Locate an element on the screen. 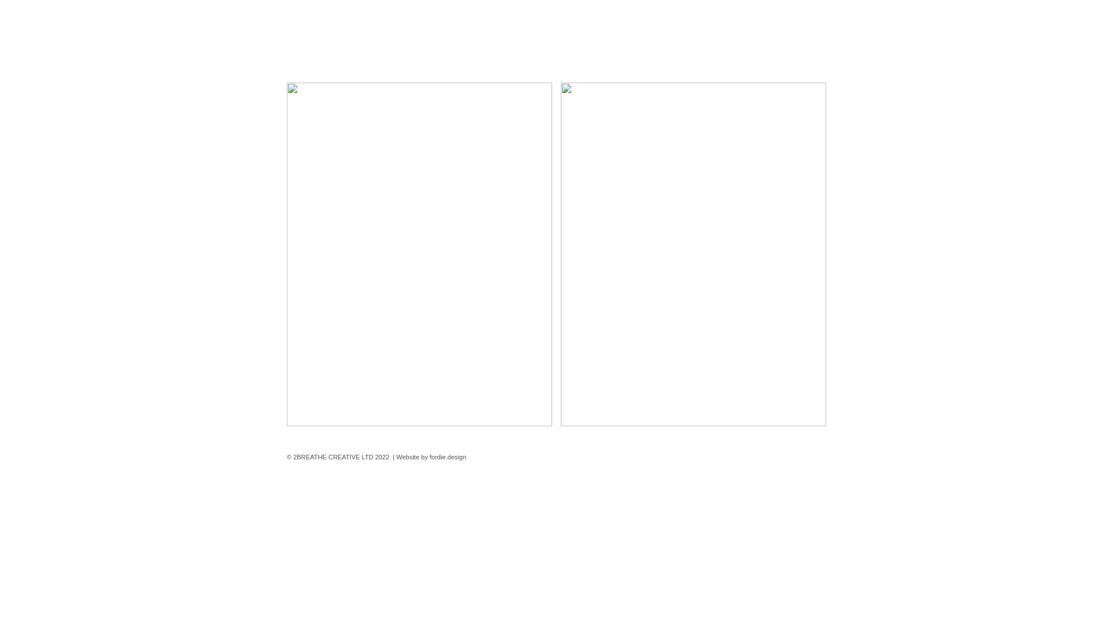  'fordie.design' is located at coordinates (429, 456).